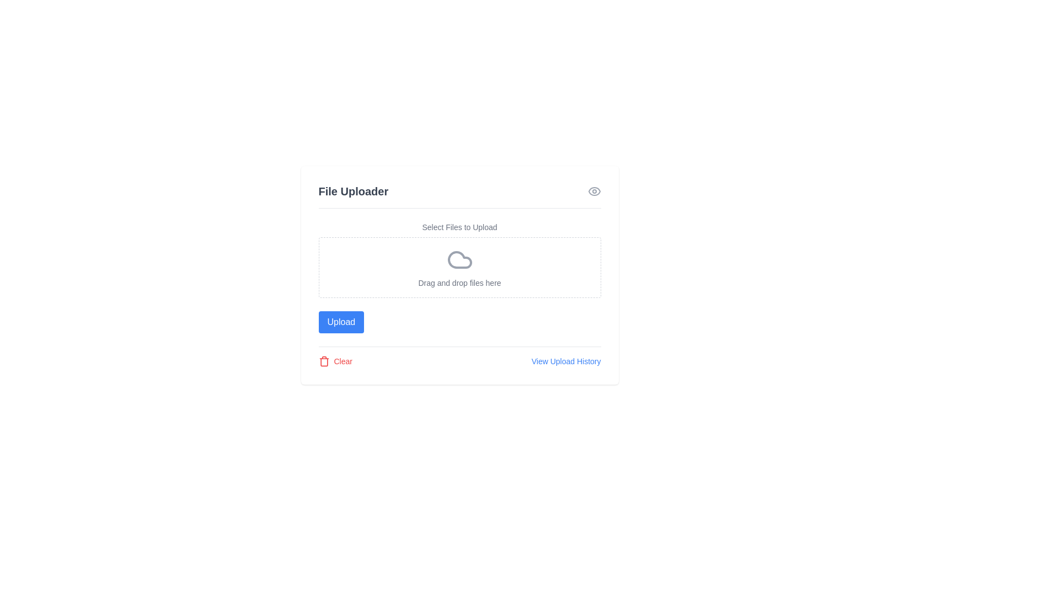 This screenshot has height=596, width=1059. I want to click on the deletion icon located in the lower-left section of the interface, to the left of the 'Clear' label, which serves as a visual indicator for clearing current file uploads, so click(323, 361).